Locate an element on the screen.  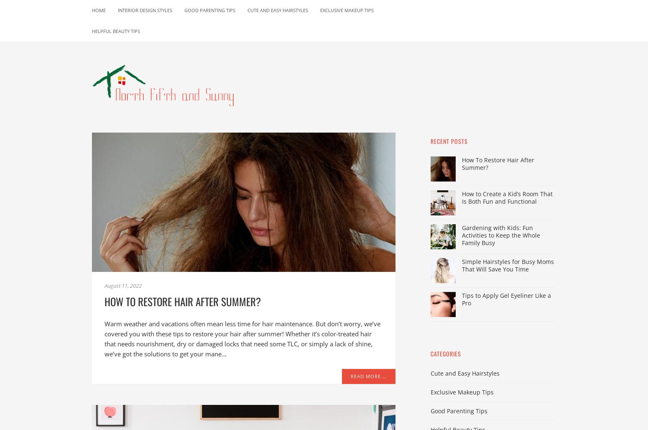
'Recent Posts' is located at coordinates (430, 141).